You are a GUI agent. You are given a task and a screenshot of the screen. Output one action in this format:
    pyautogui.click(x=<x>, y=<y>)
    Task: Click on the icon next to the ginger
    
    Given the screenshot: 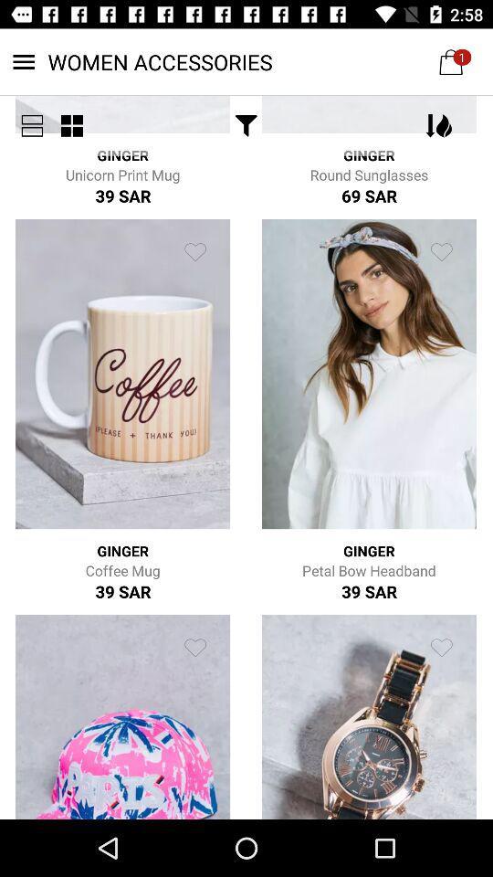 What is the action you would take?
    pyautogui.click(x=246, y=124)
    